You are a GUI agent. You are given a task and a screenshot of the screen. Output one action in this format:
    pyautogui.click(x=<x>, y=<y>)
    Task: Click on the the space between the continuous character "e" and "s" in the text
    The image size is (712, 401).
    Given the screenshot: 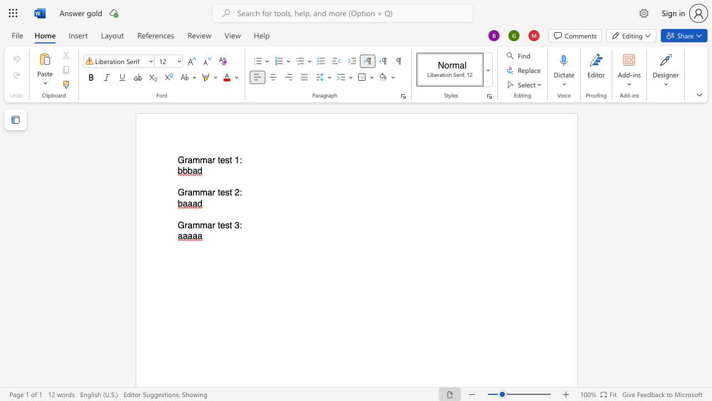 What is the action you would take?
    pyautogui.click(x=224, y=160)
    